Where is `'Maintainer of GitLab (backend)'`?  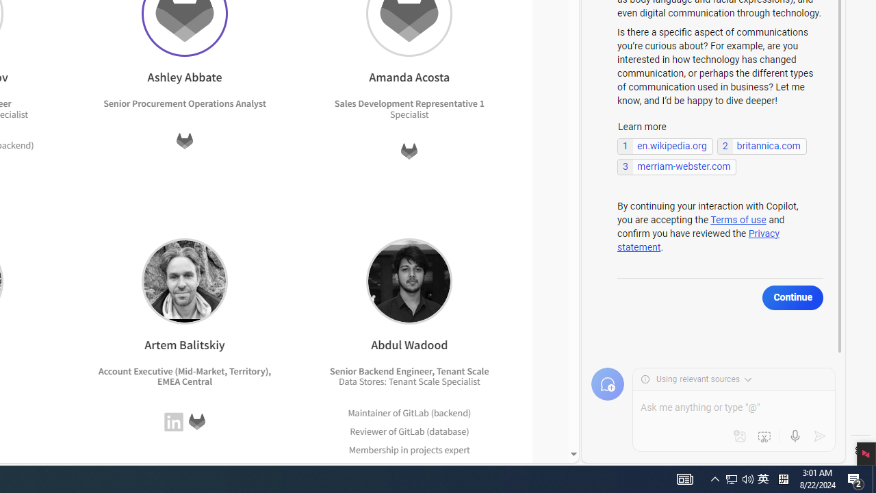
'Maintainer of GitLab (backend)' is located at coordinates (409, 412).